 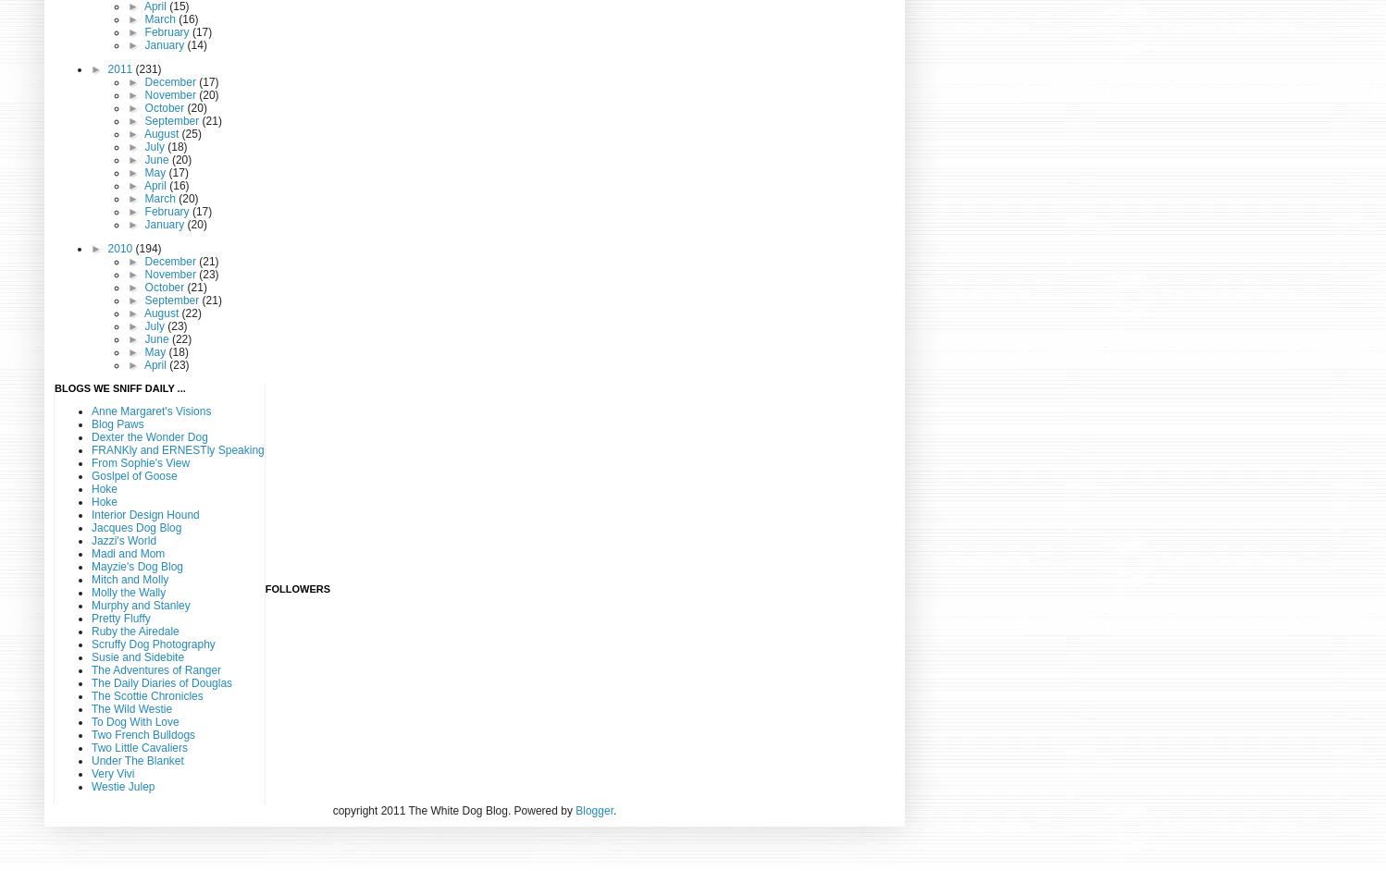 I want to click on 'Goslpel of Goose', so click(x=134, y=475).